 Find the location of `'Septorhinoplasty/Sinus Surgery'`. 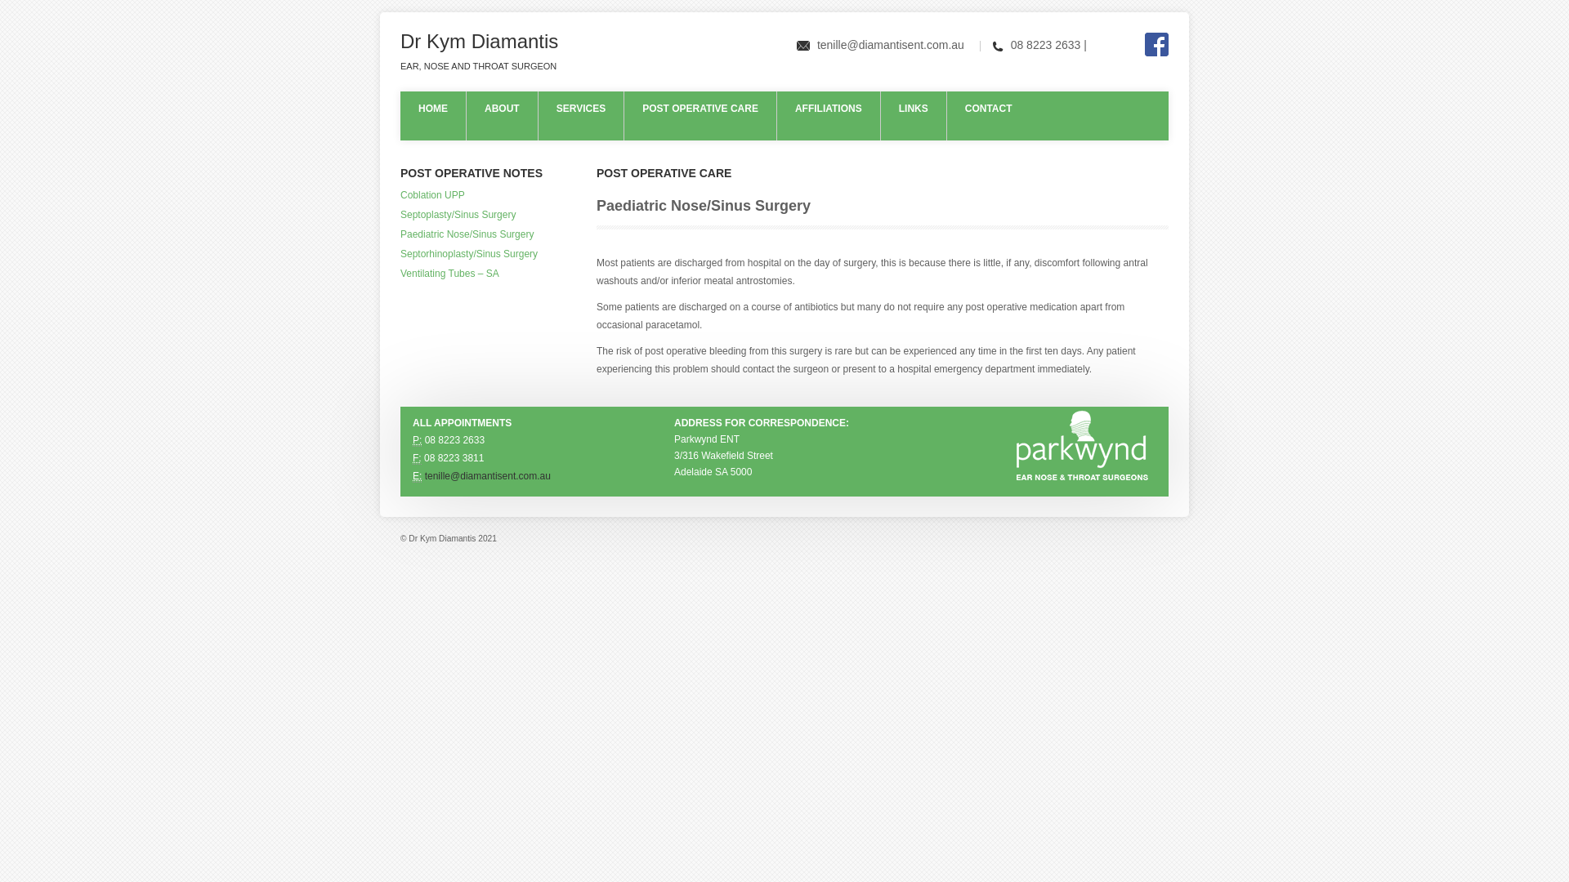

'Septorhinoplasty/Sinus Surgery' is located at coordinates (400, 254).